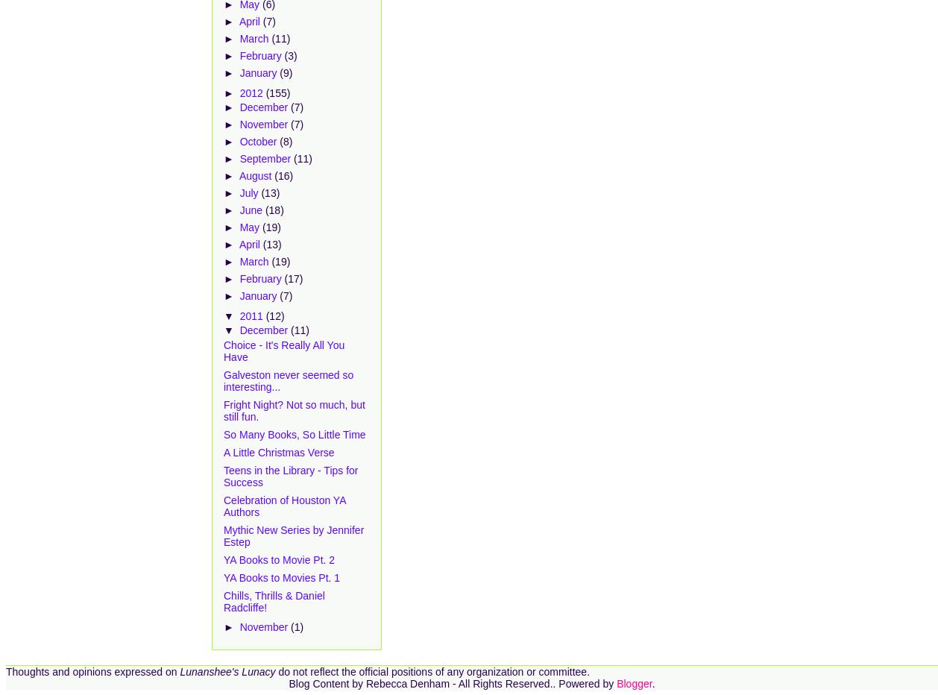  Describe the element at coordinates (279, 142) in the screenshot. I see `'(8)'` at that location.